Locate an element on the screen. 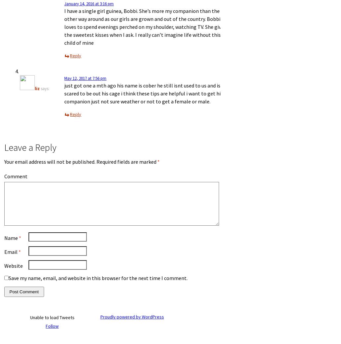 This screenshot has width=341, height=344. 'just got one a mth ago his name is cober he still isnt used to us and is scared to be out his cage i think these tips are helpful i want to get him a companion just not sure weather or not to get a female or male.' is located at coordinates (64, 93).